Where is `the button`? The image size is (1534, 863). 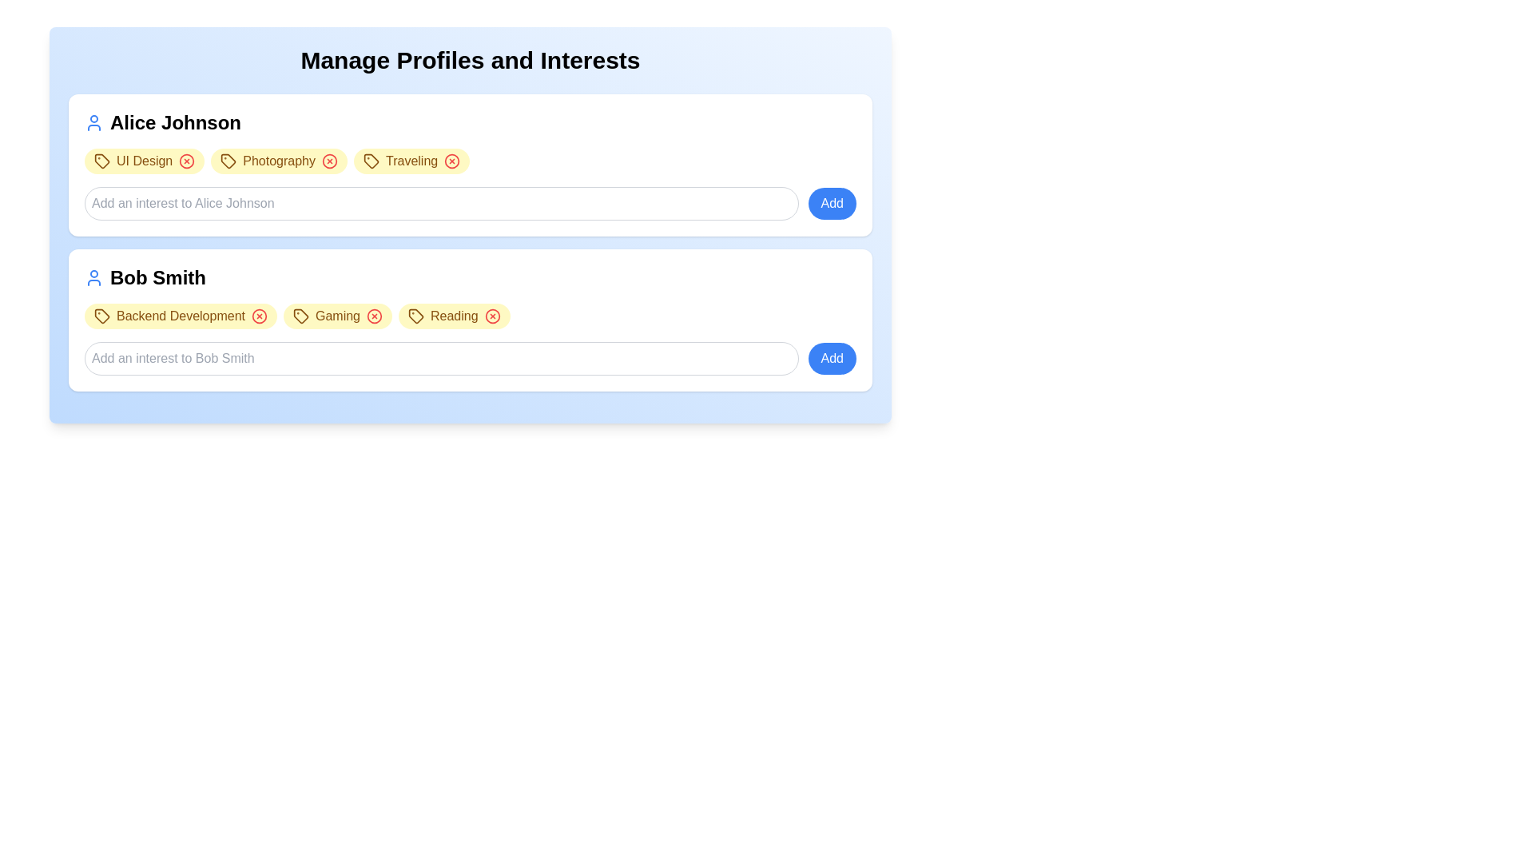
the button is located at coordinates (260, 316).